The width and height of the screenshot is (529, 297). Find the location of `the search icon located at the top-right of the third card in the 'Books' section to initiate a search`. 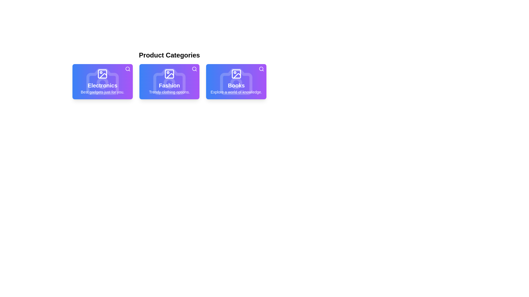

the search icon located at the top-right of the third card in the 'Books' section to initiate a search is located at coordinates (261, 68).